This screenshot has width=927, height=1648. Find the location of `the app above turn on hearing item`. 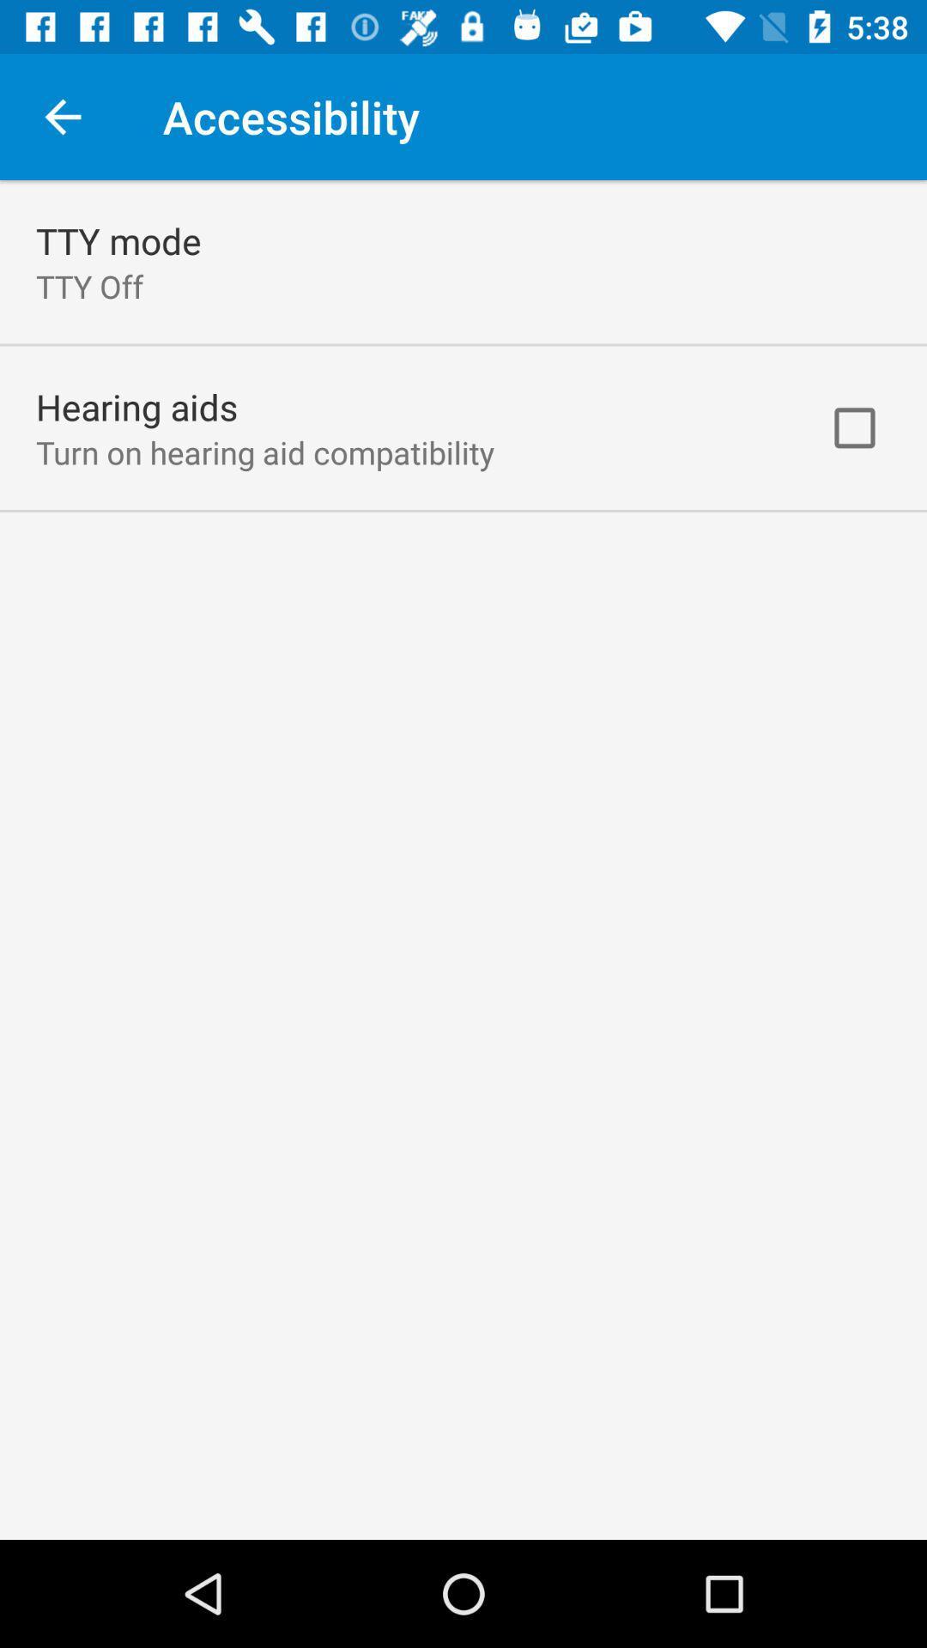

the app above turn on hearing item is located at coordinates (136, 406).